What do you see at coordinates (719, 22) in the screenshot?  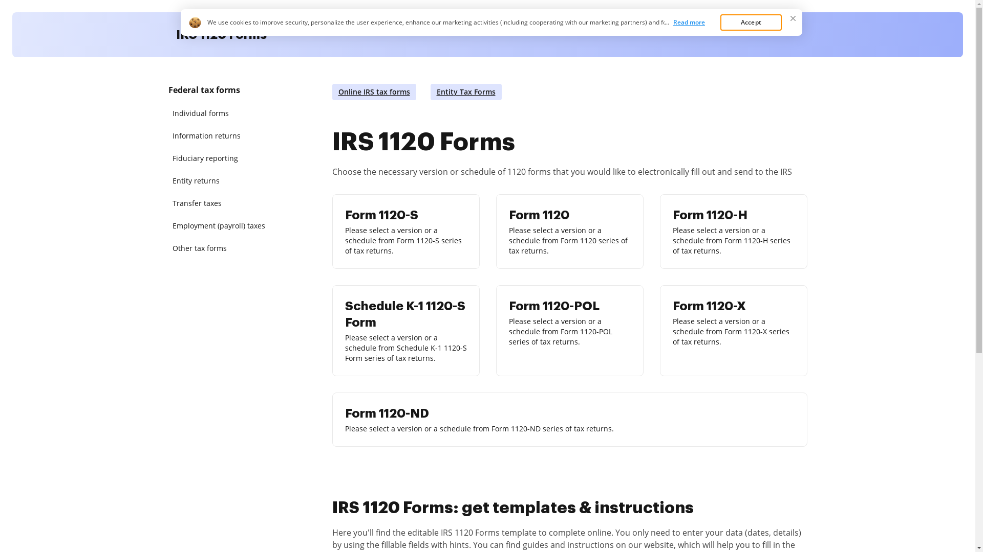 I see `'Accept'` at bounding box center [719, 22].